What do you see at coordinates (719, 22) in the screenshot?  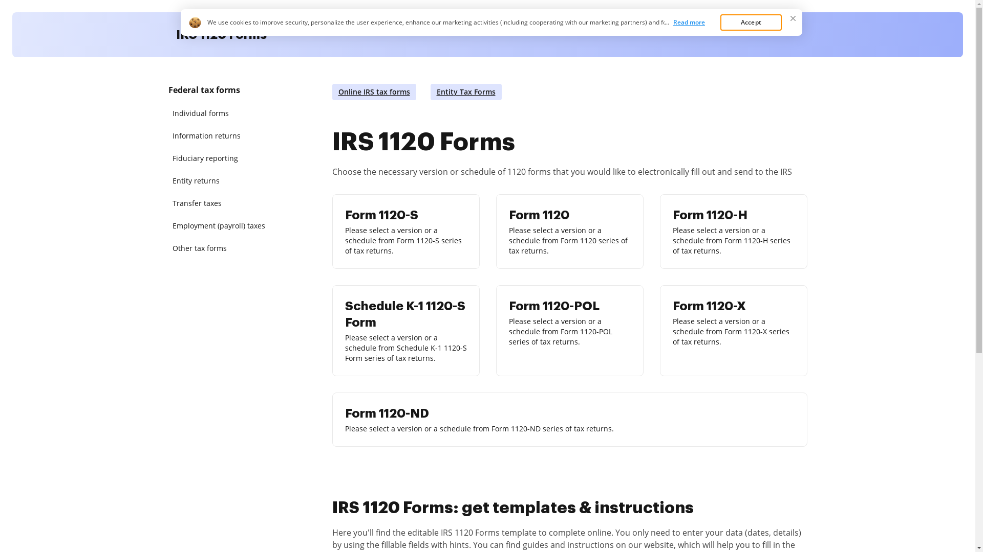 I see `'Accept'` at bounding box center [719, 22].